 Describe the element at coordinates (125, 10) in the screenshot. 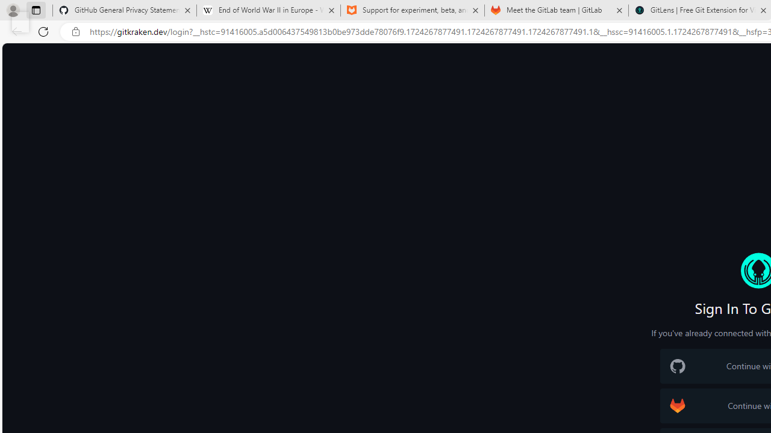

I see `'GitHub General Privacy Statement - GitHub Docs'` at that location.